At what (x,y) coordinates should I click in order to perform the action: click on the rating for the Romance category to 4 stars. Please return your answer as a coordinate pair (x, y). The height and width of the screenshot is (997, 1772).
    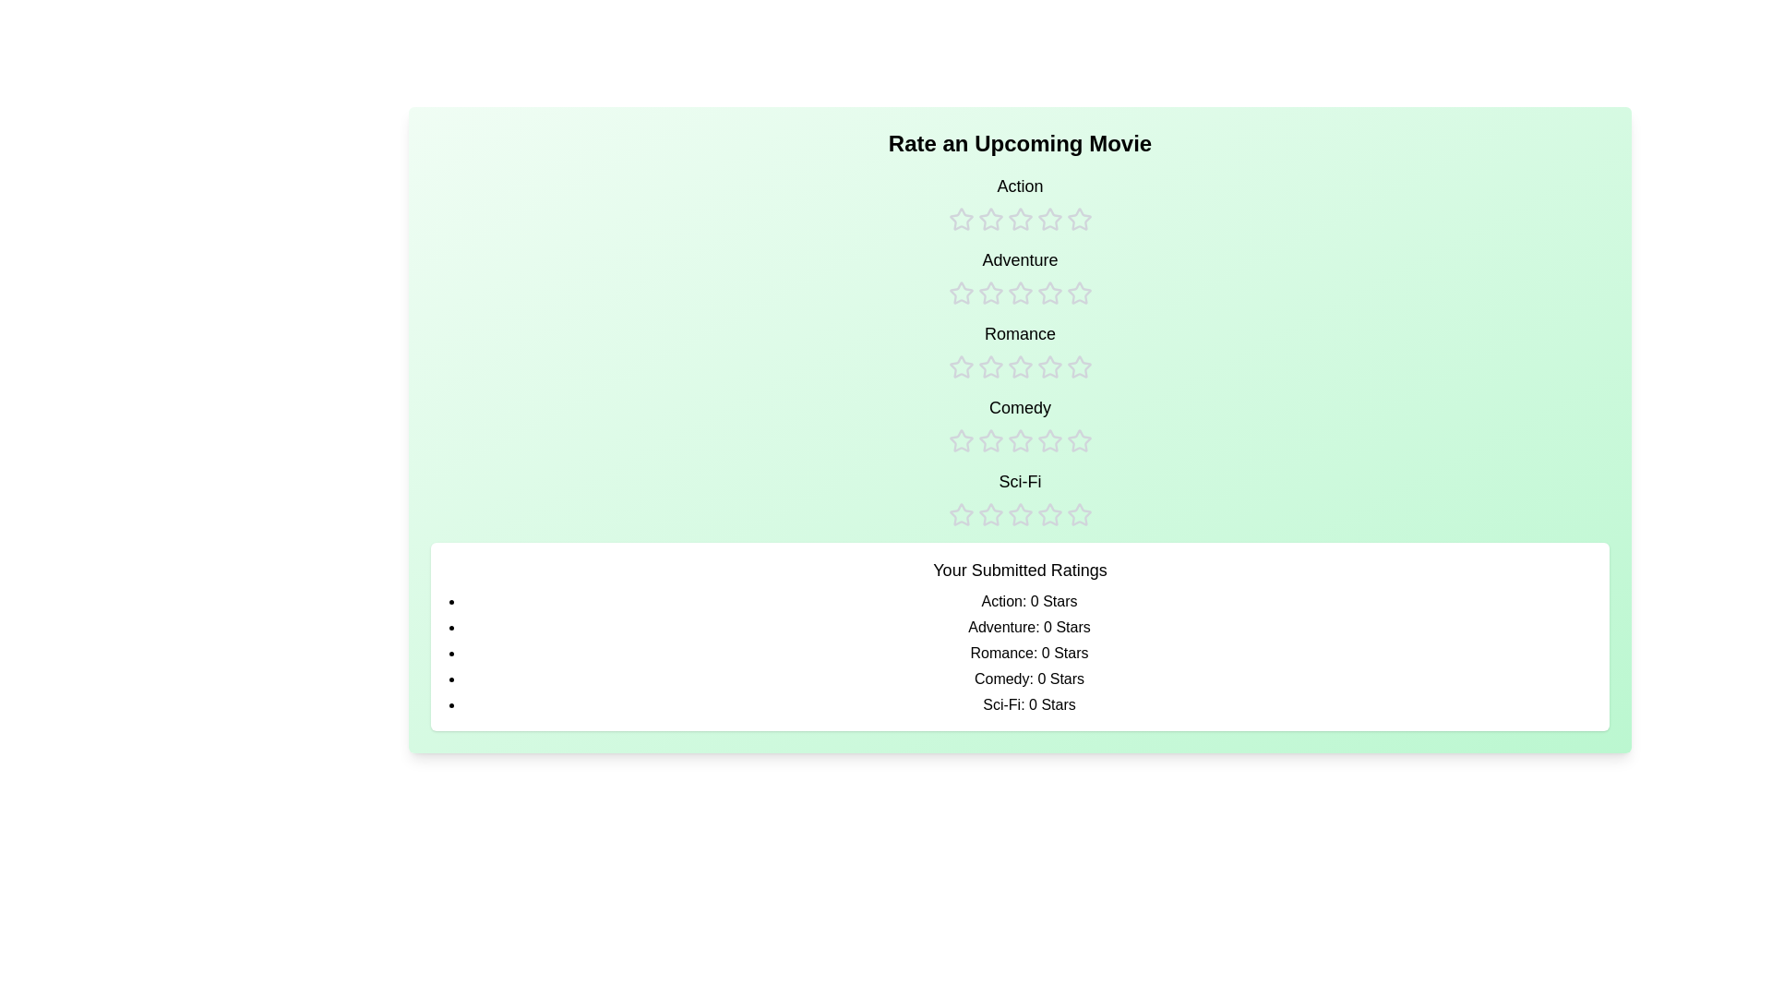
    Looking at the image, I should click on (1049, 351).